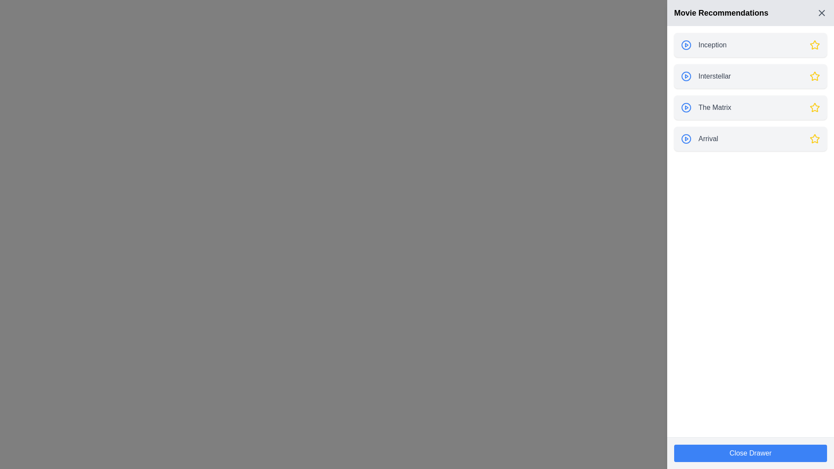 This screenshot has height=469, width=834. What do you see at coordinates (814, 45) in the screenshot?
I see `the yellow star icon associated with the 'Inception' item in the 'Movie Recommendations' panel` at bounding box center [814, 45].